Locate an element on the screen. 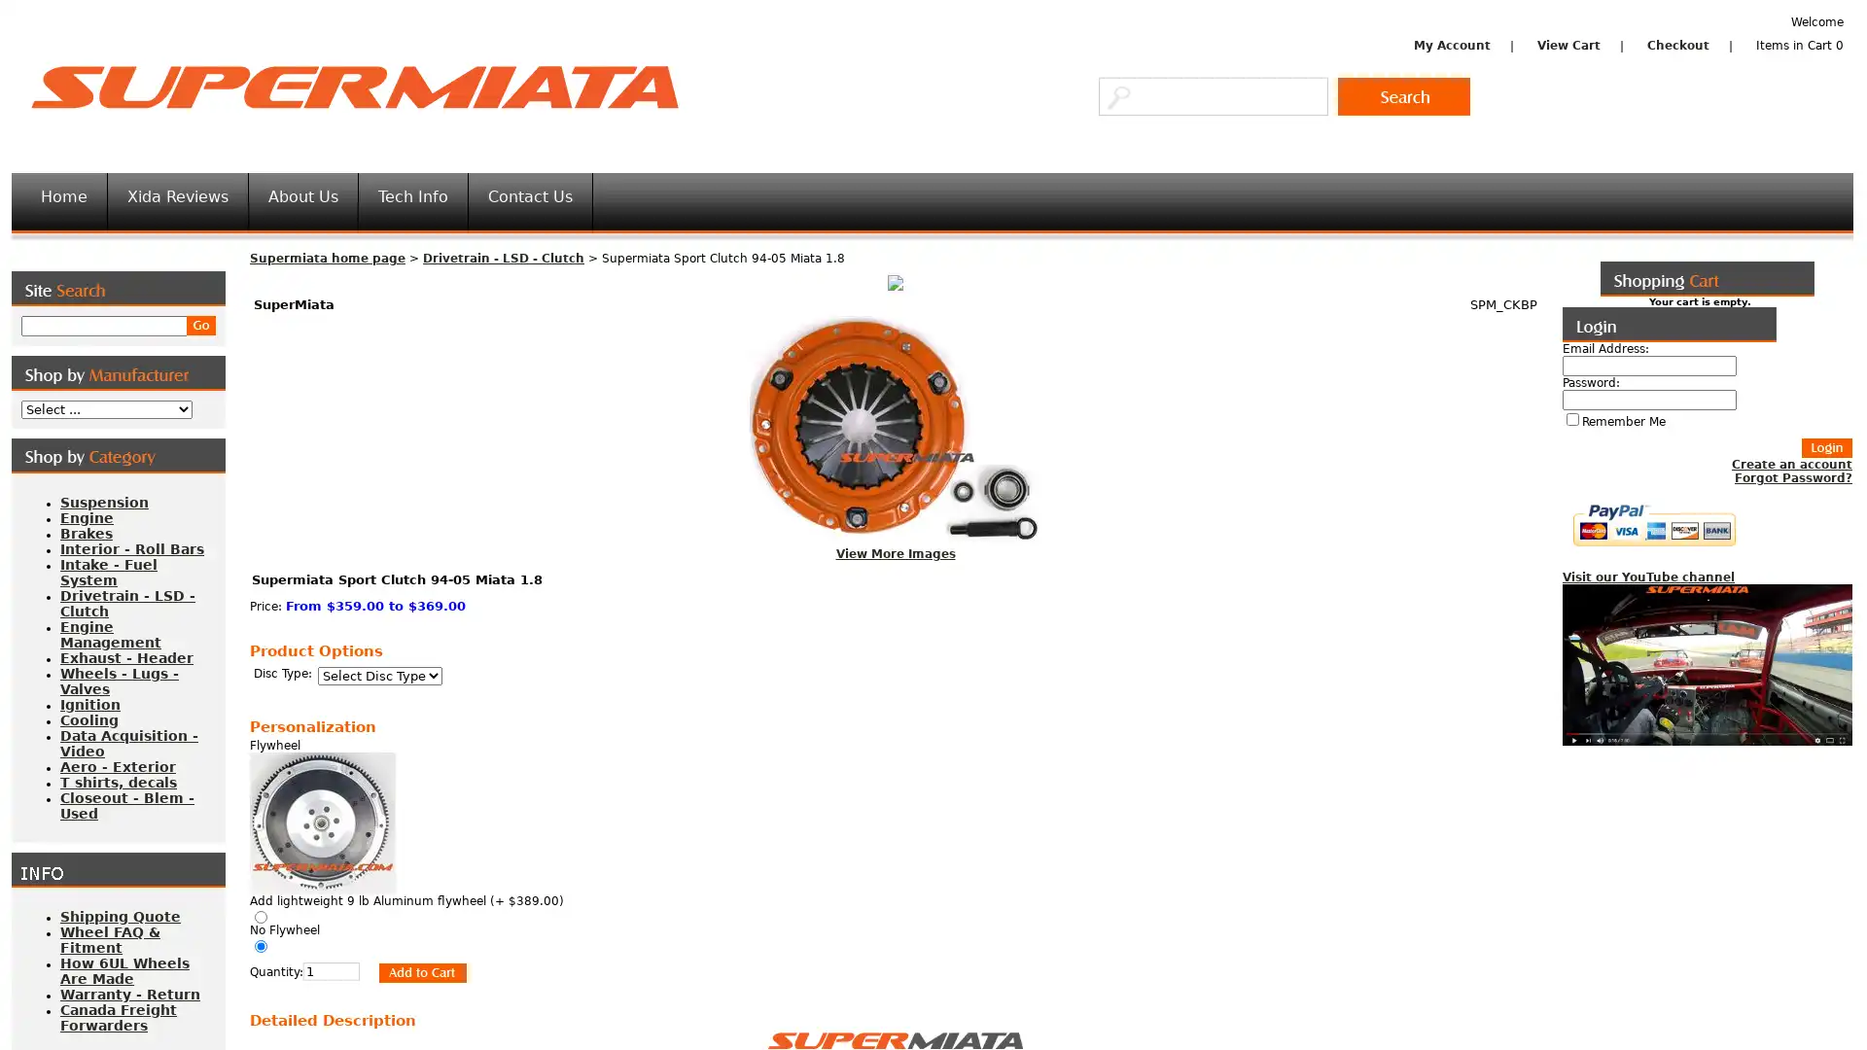 The image size is (1867, 1050). Go is located at coordinates (200, 325).